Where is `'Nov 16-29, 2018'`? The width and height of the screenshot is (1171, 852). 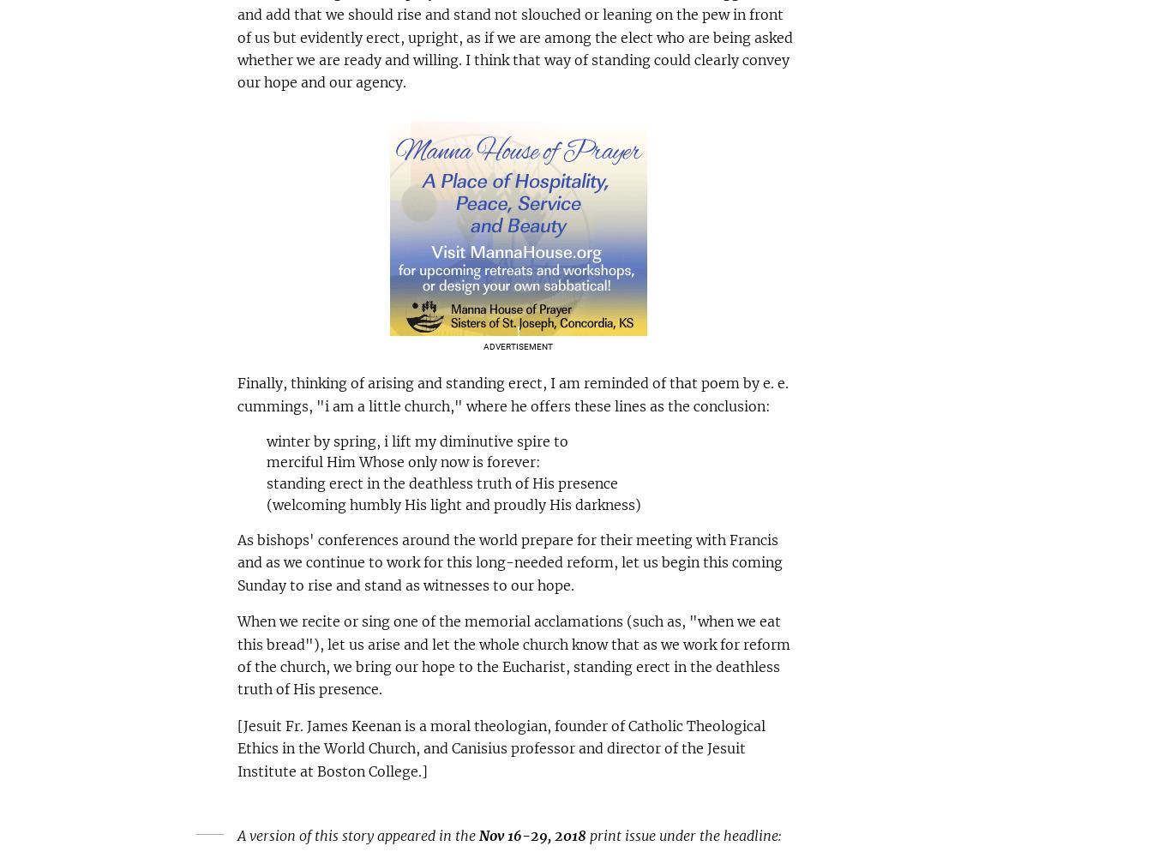 'Nov 16-29, 2018' is located at coordinates (531, 834).